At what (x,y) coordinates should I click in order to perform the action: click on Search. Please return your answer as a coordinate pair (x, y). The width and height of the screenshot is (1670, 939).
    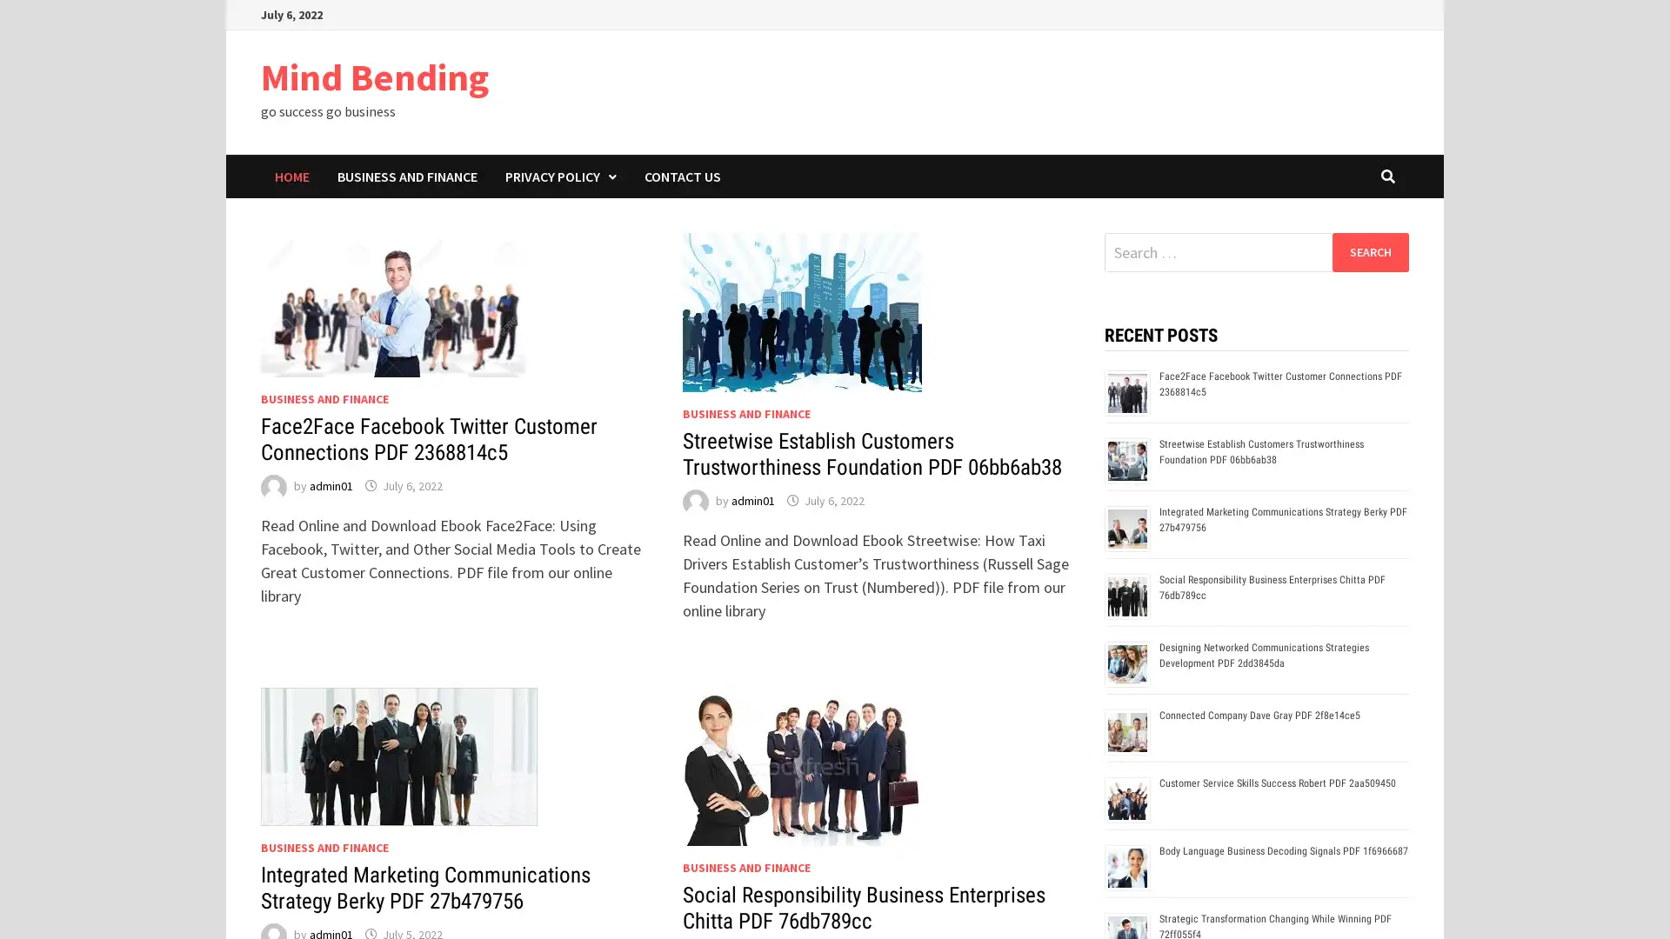
    Looking at the image, I should click on (1369, 251).